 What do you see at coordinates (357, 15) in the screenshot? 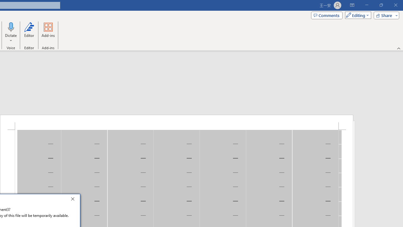
I see `'Mode'` at bounding box center [357, 15].